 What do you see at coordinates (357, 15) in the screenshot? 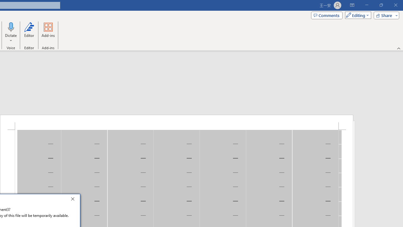
I see `'Mode'` at bounding box center [357, 15].